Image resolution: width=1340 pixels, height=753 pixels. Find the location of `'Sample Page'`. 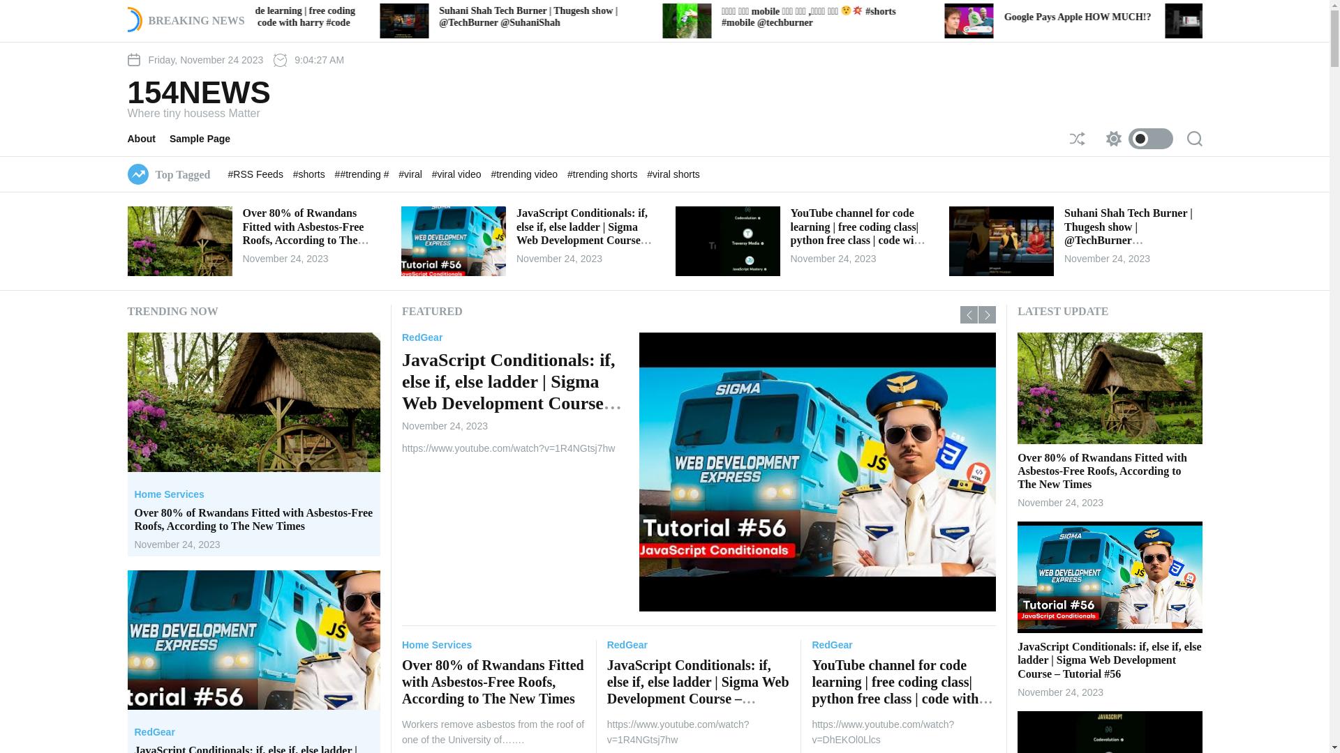

'Sample Page' is located at coordinates (206, 139).